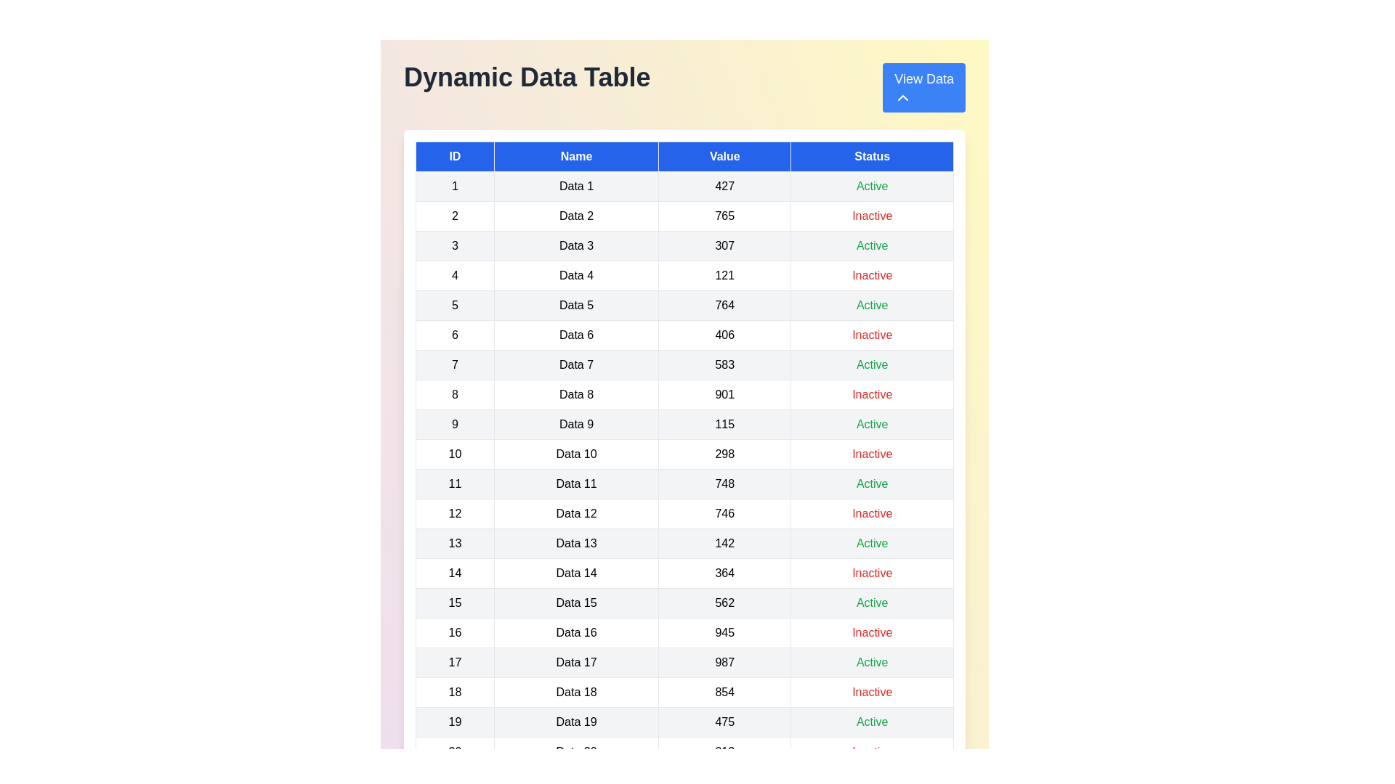 This screenshot has width=1395, height=784. What do you see at coordinates (453, 157) in the screenshot?
I see `the header of the column to sort by ID` at bounding box center [453, 157].